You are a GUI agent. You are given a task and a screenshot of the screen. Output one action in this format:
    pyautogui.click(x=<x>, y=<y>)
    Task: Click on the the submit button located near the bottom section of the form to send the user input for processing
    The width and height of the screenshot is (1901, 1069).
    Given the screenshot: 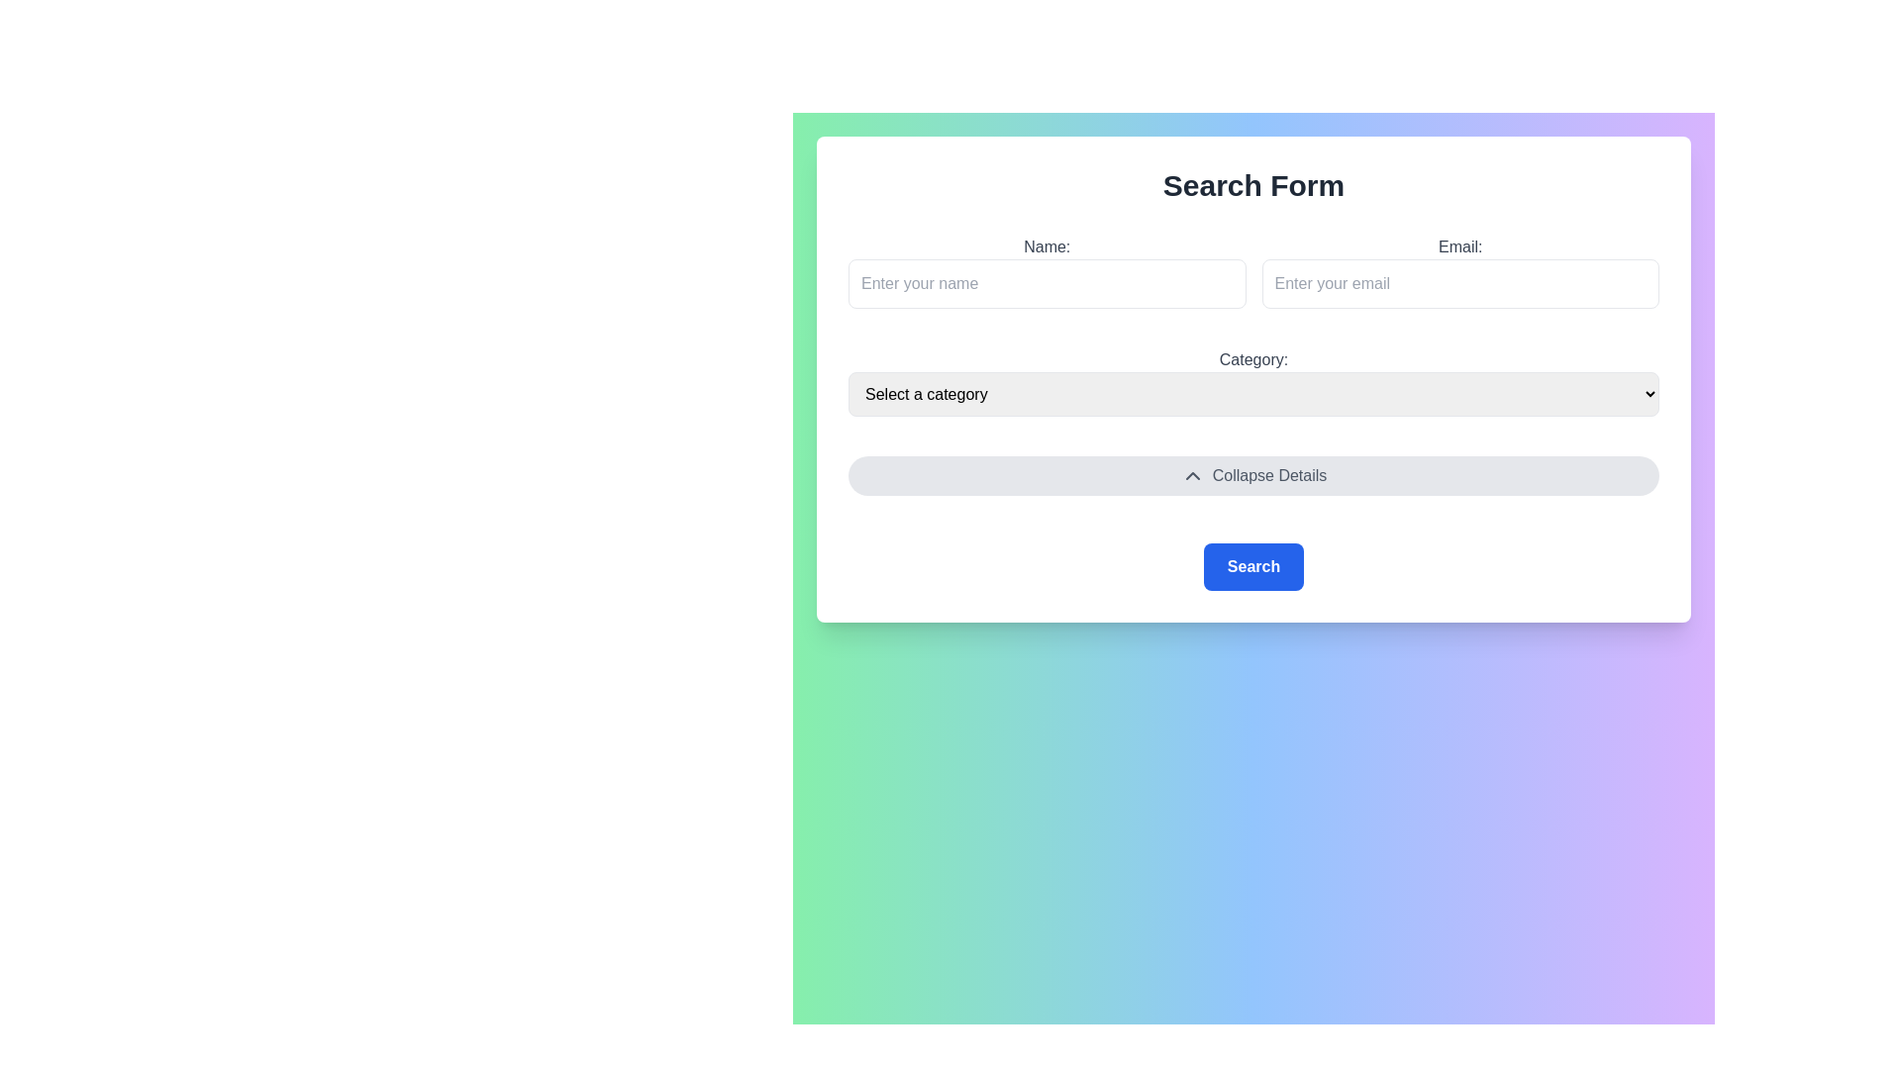 What is the action you would take?
    pyautogui.click(x=1252, y=567)
    